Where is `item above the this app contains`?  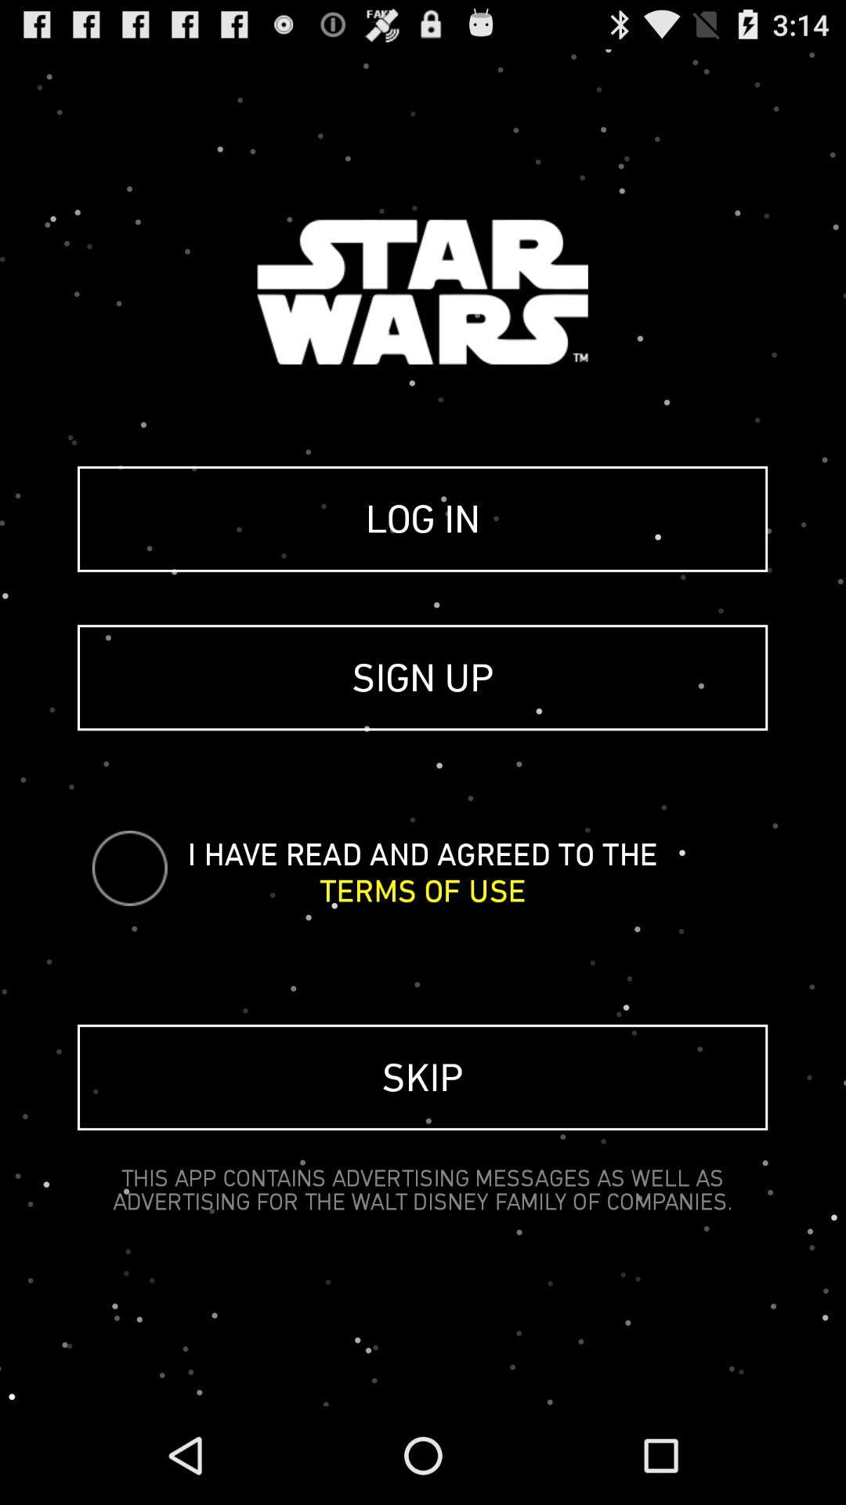 item above the this app contains is located at coordinates (421, 1076).